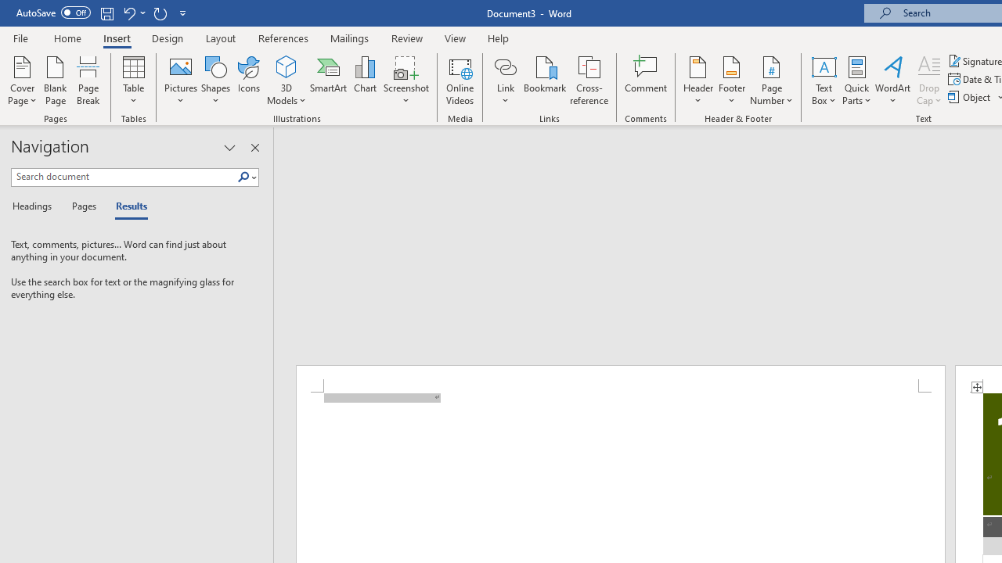 The height and width of the screenshot is (563, 1002). Describe the element at coordinates (126, 206) in the screenshot. I see `'Results'` at that location.